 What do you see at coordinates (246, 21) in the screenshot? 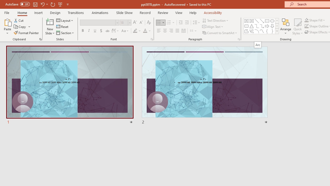
I see `'Text Box'` at bounding box center [246, 21].